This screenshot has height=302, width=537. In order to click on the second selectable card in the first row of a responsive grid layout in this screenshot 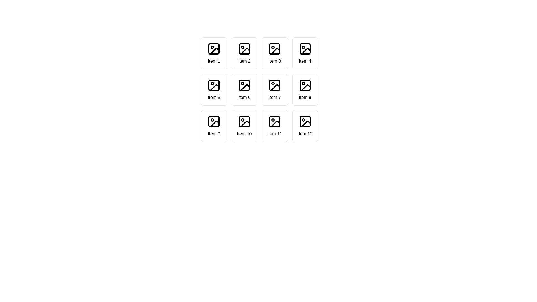, I will do `click(244, 53)`.